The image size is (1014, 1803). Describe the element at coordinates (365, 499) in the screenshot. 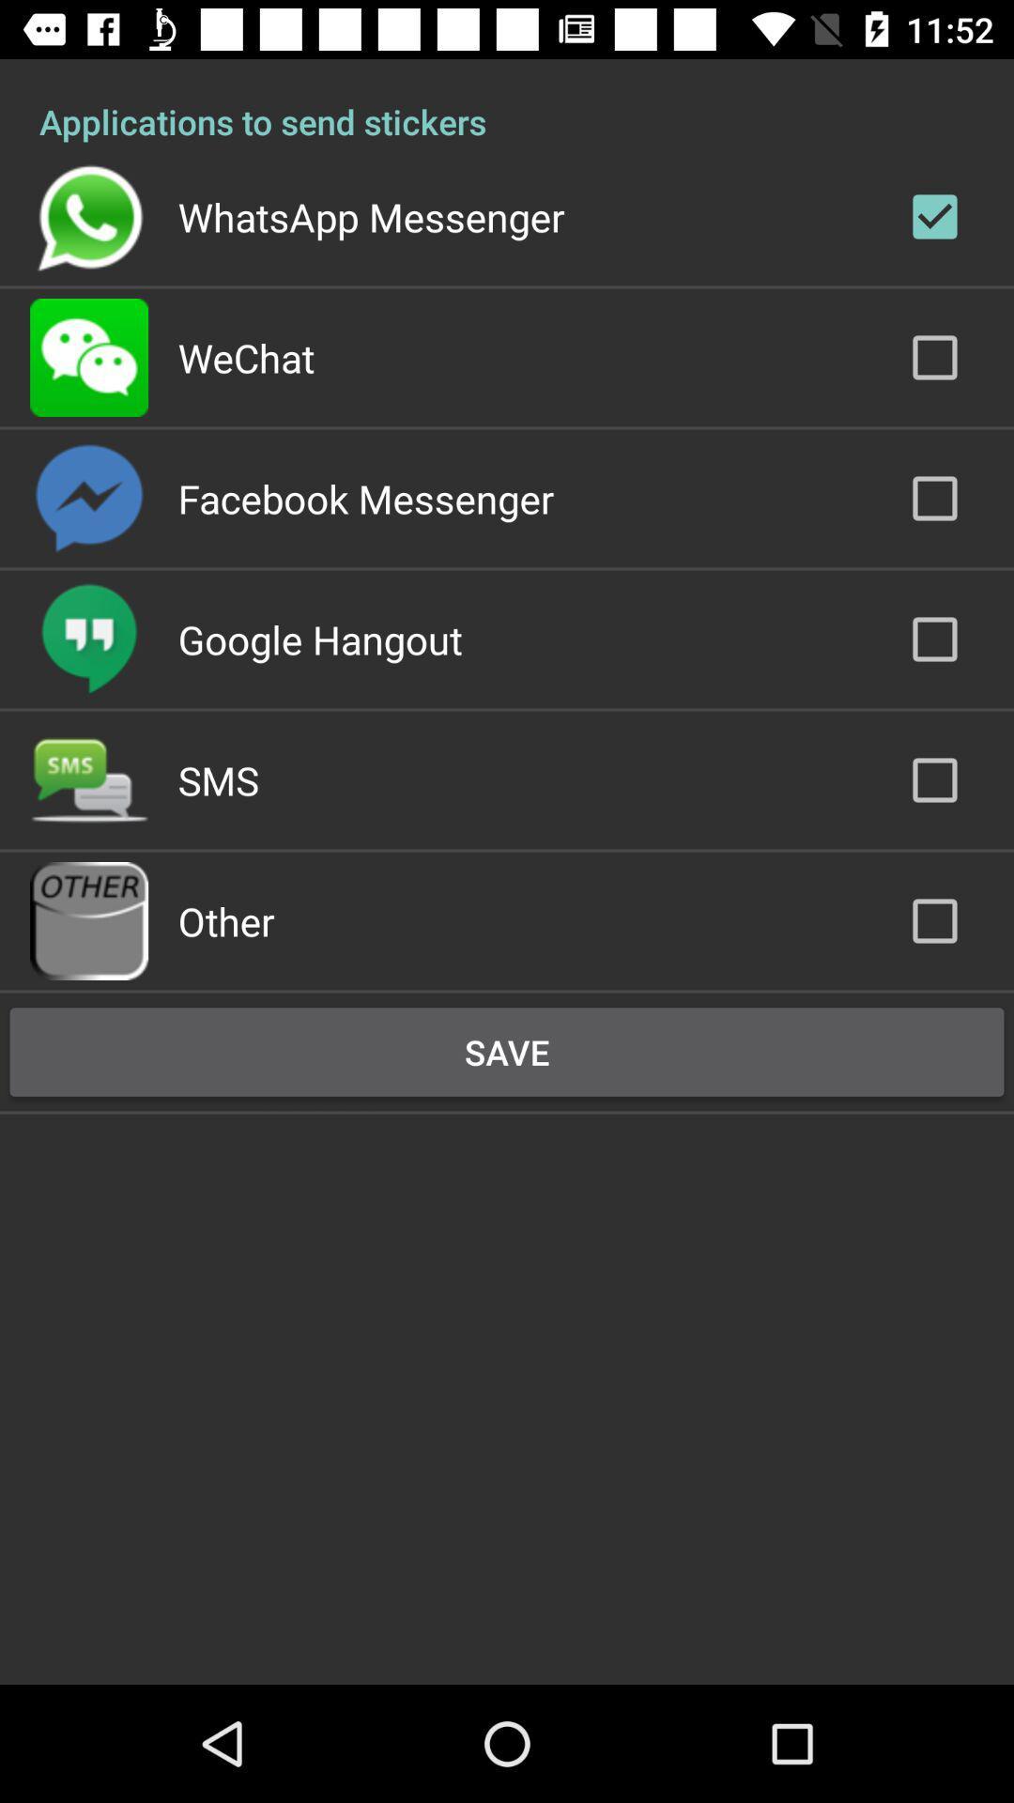

I see `the icon above google hangout item` at that location.